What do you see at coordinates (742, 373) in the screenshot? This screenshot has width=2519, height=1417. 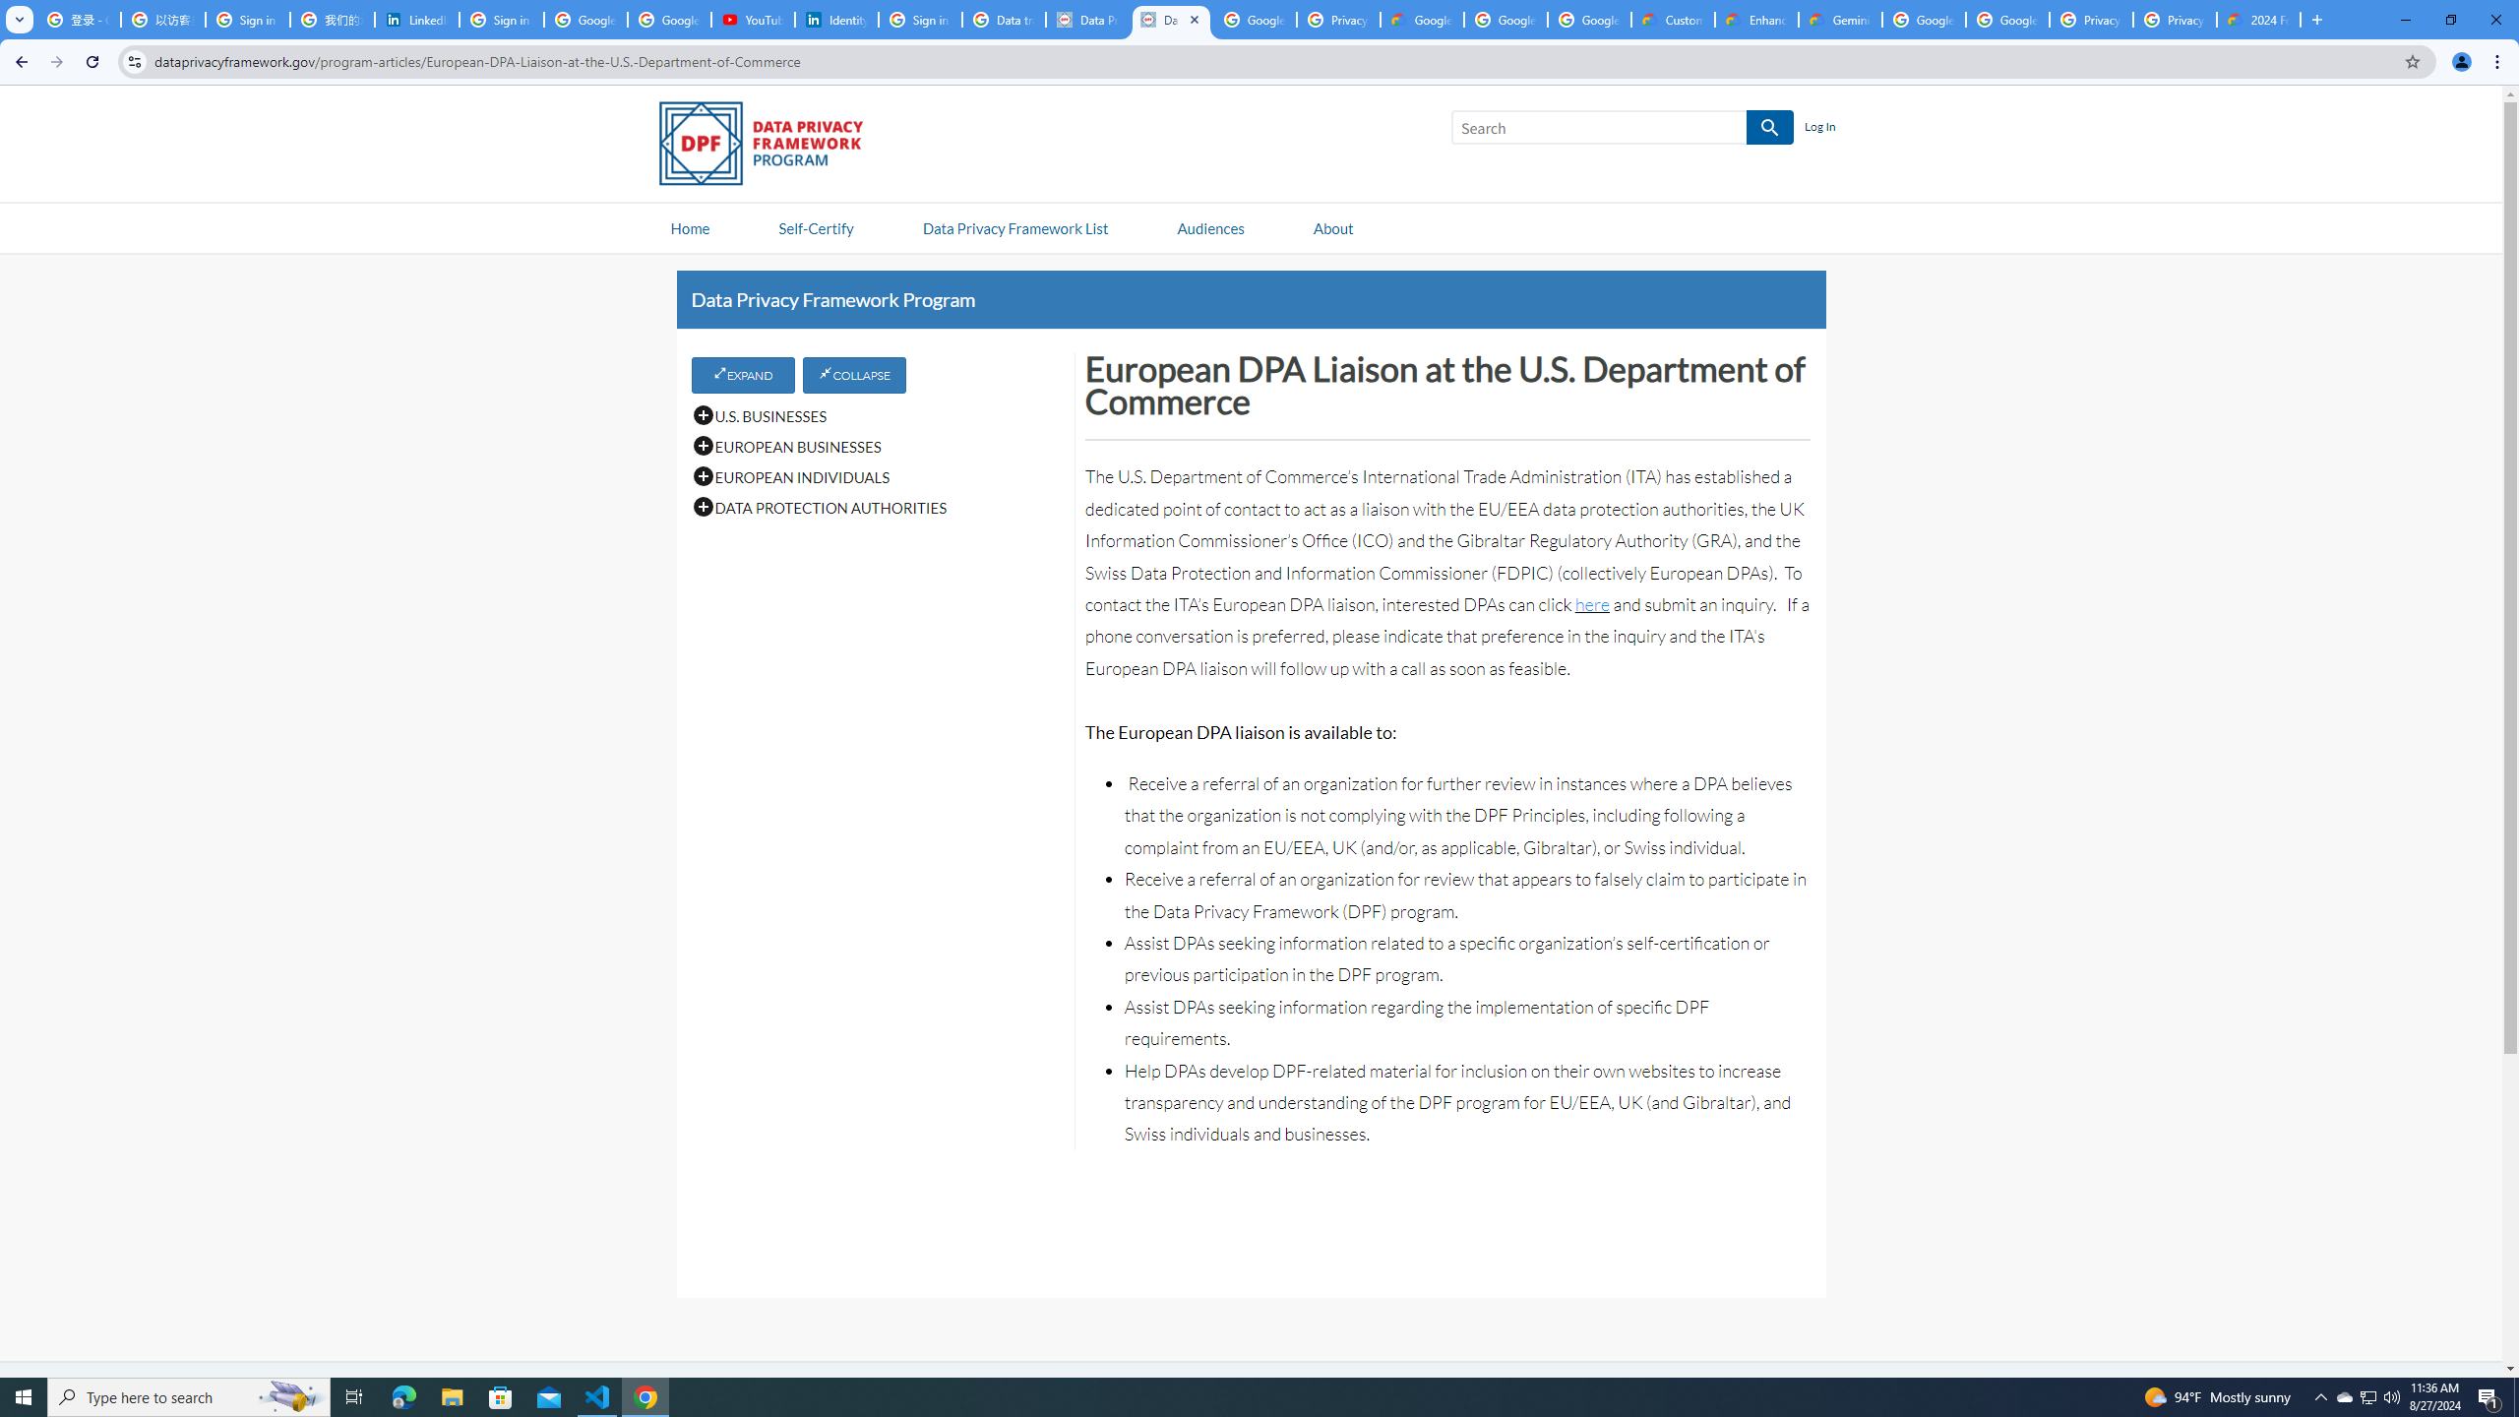 I see `'EXPAND'` at bounding box center [742, 373].